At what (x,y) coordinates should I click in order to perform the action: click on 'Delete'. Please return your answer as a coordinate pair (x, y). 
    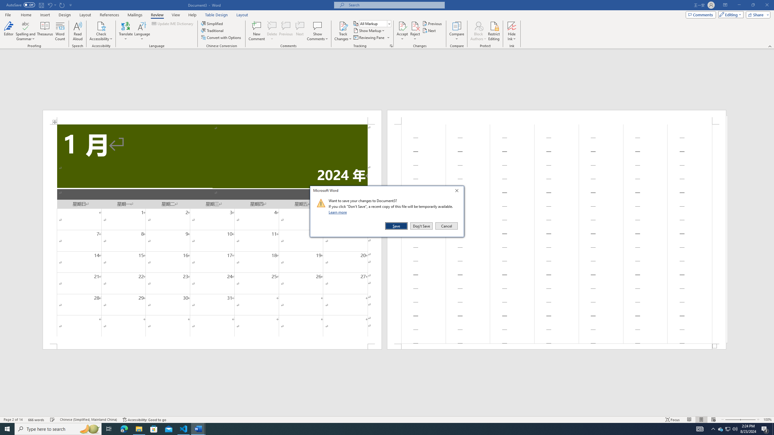
    Looking at the image, I should click on (272, 31).